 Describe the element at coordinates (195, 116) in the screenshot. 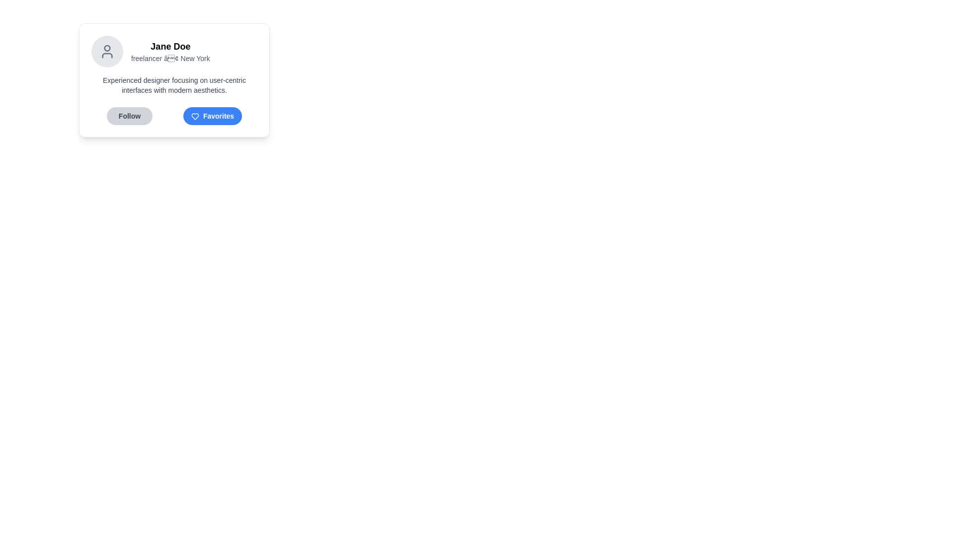

I see `the heart icon associated with the 'Favorites' button, which indicates the option to add items to favorites` at that location.